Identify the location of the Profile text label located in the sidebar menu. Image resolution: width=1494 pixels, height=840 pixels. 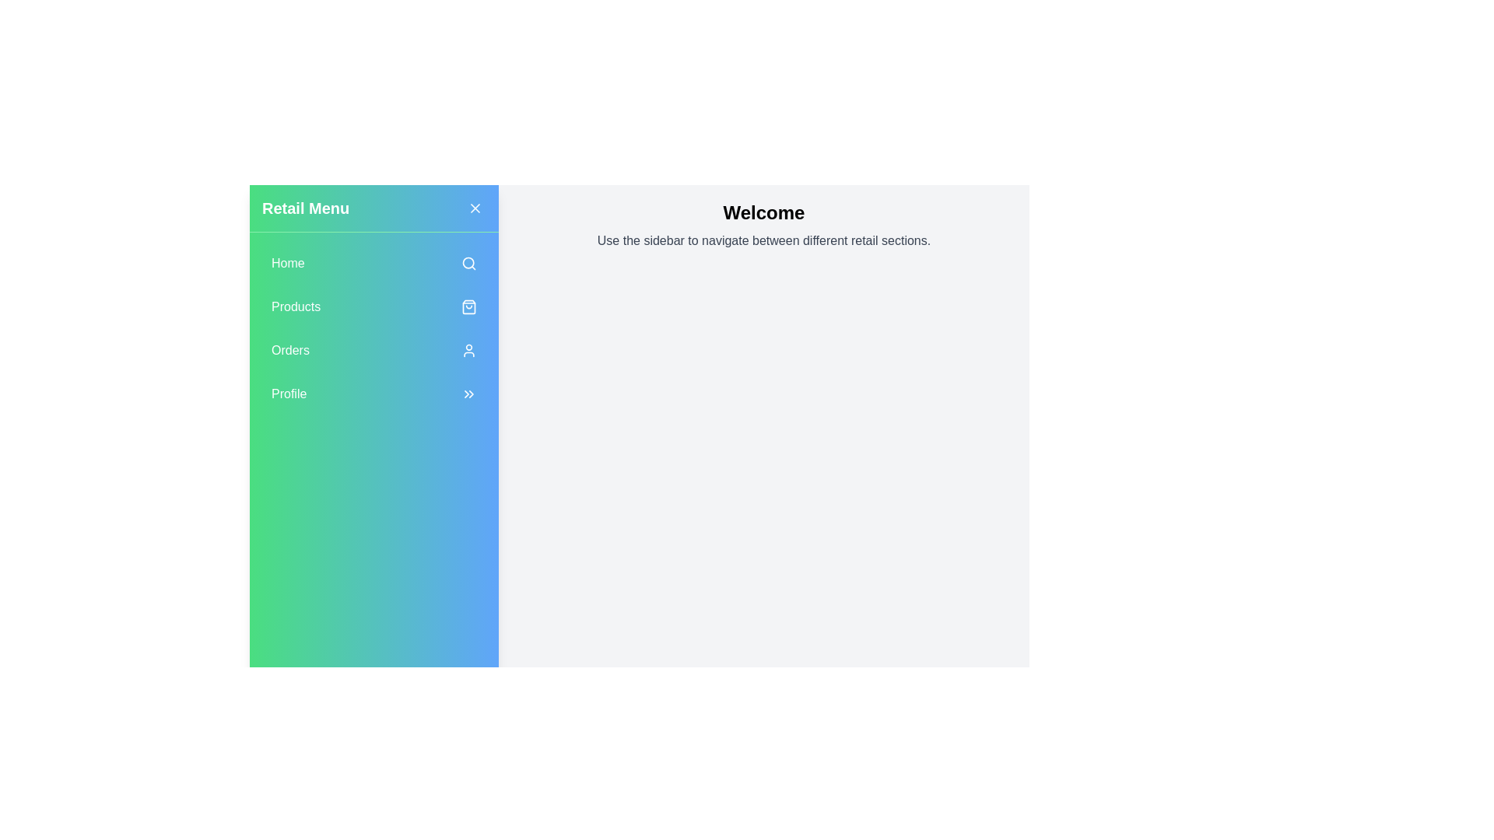
(289, 393).